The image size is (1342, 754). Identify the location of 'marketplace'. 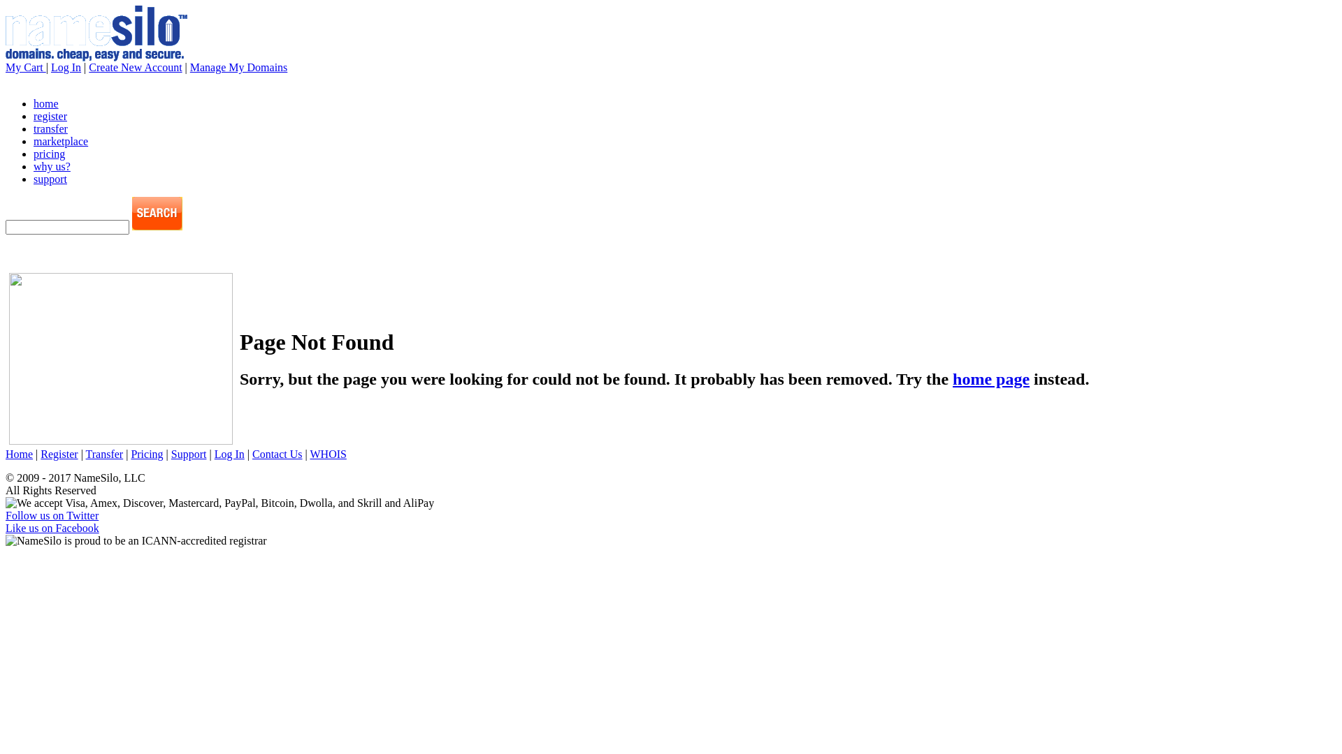
(59, 141).